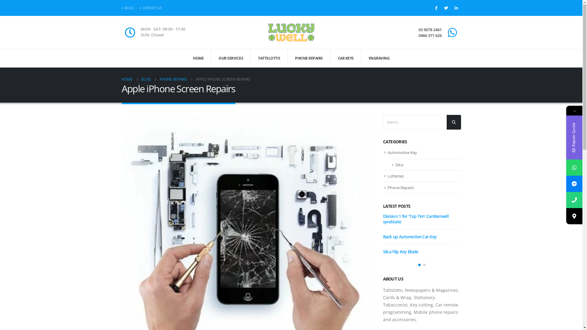  Describe the element at coordinates (402, 152) in the screenshot. I see `'Automotive Key'` at that location.